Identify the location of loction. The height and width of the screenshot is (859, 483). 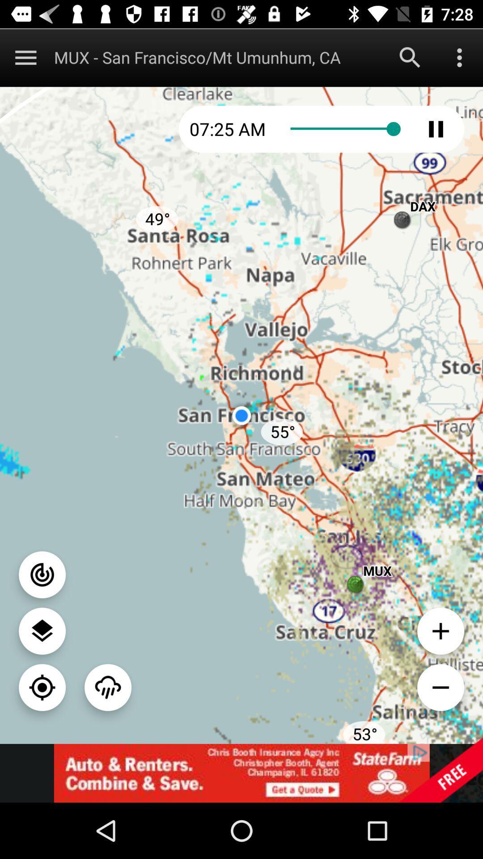
(42, 630).